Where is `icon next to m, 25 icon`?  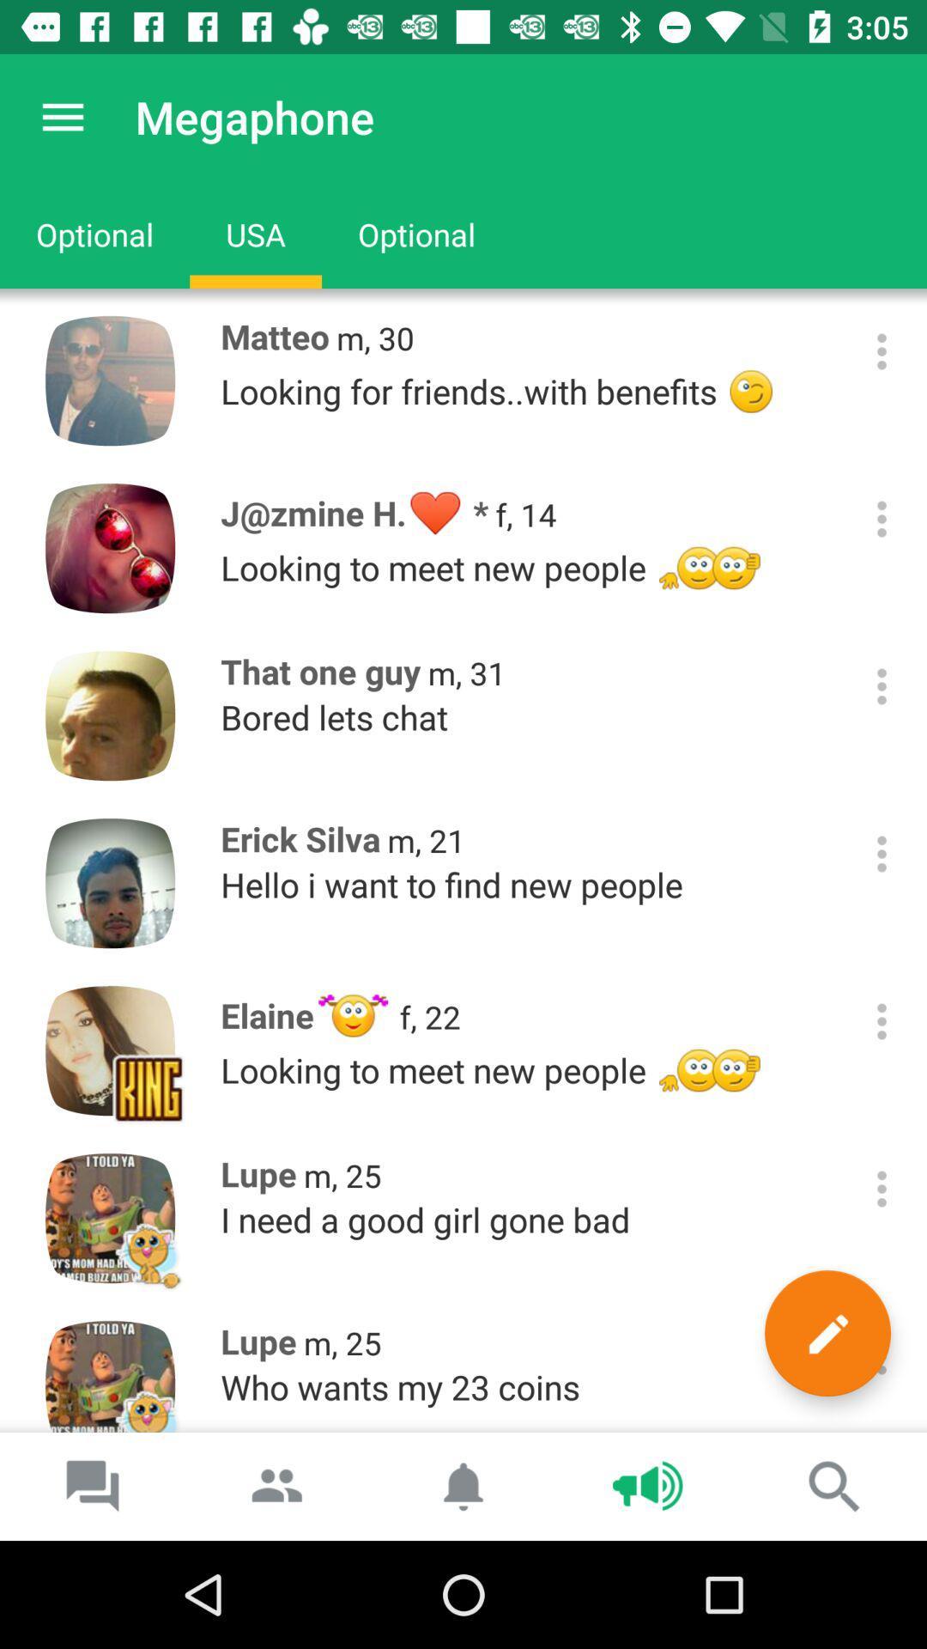 icon next to m, 25 icon is located at coordinates (827, 1332).